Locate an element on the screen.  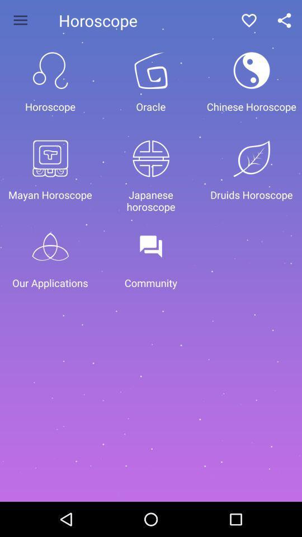
icon next to horoscope item is located at coordinates (20, 20).